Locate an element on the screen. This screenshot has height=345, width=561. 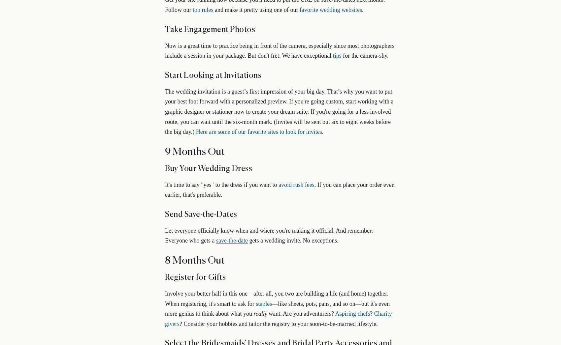
'Send Save-the-Dates' is located at coordinates (200, 214).